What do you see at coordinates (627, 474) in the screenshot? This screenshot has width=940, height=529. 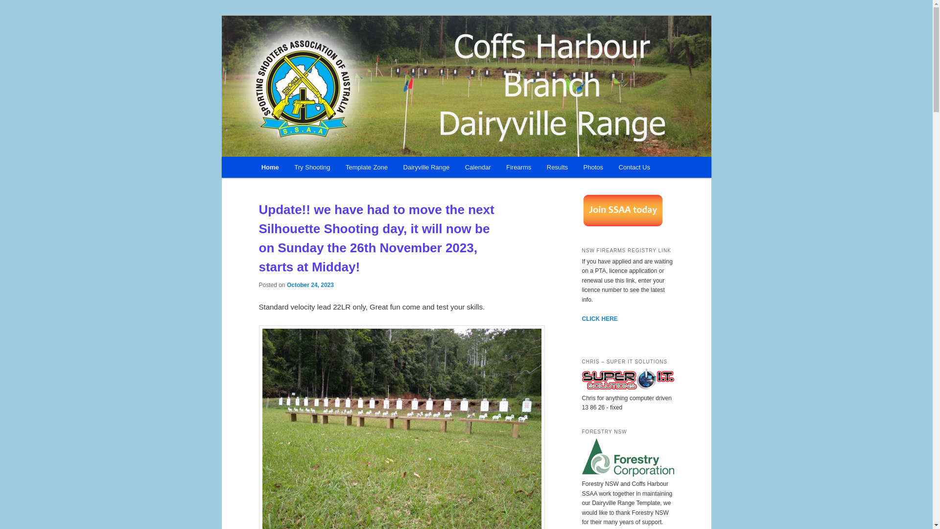 I see `'Forestry NSW '` at bounding box center [627, 474].